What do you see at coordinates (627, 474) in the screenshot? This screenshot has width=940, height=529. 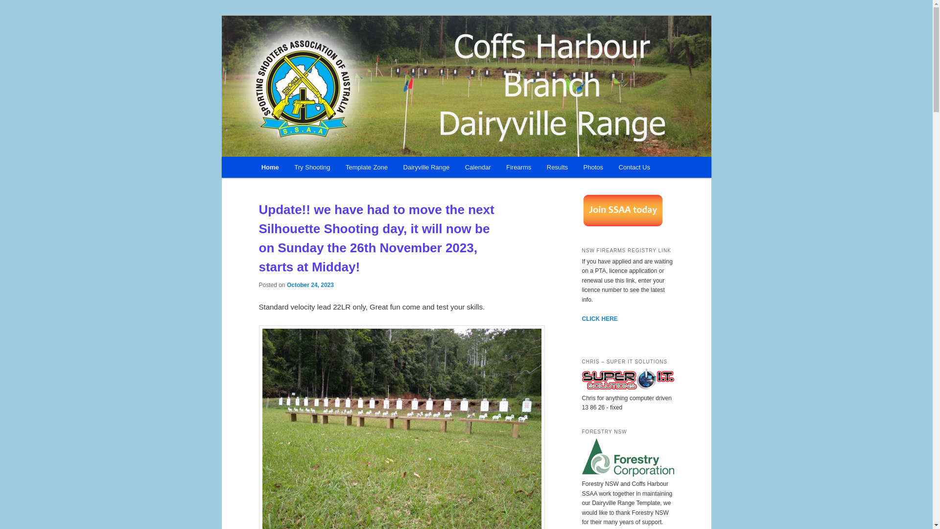 I see `'Forestry NSW '` at bounding box center [627, 474].